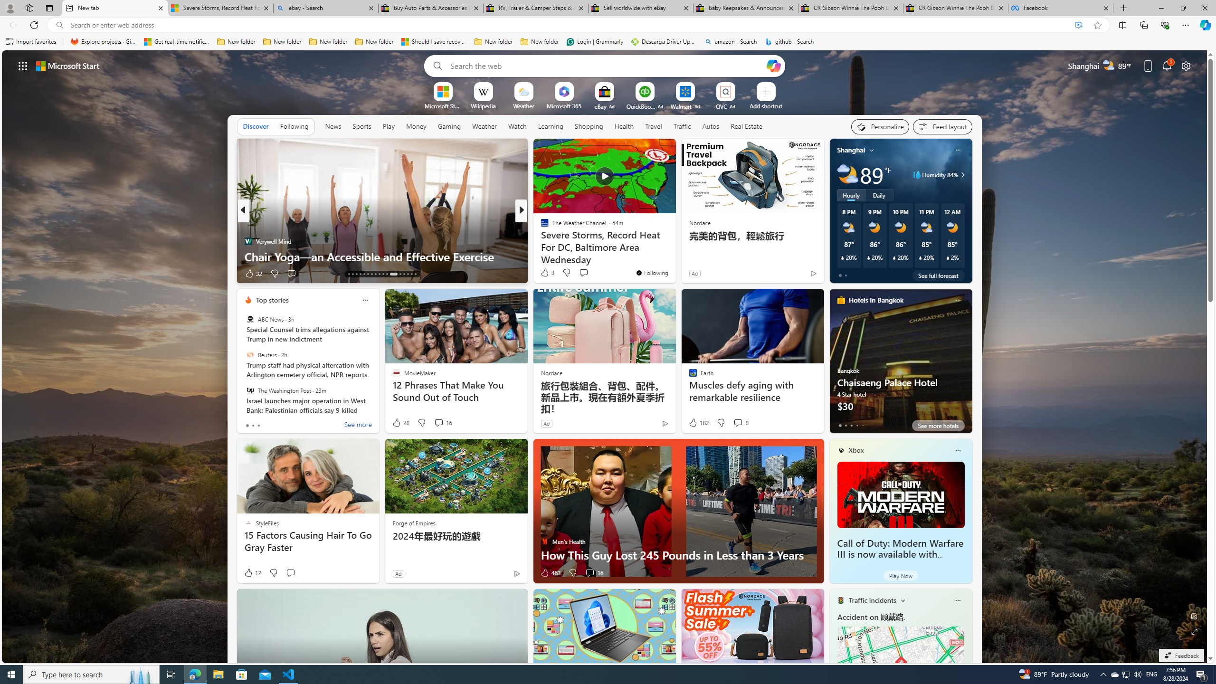 The height and width of the screenshot is (684, 1216). What do you see at coordinates (839, 425) in the screenshot?
I see `'tab-0'` at bounding box center [839, 425].